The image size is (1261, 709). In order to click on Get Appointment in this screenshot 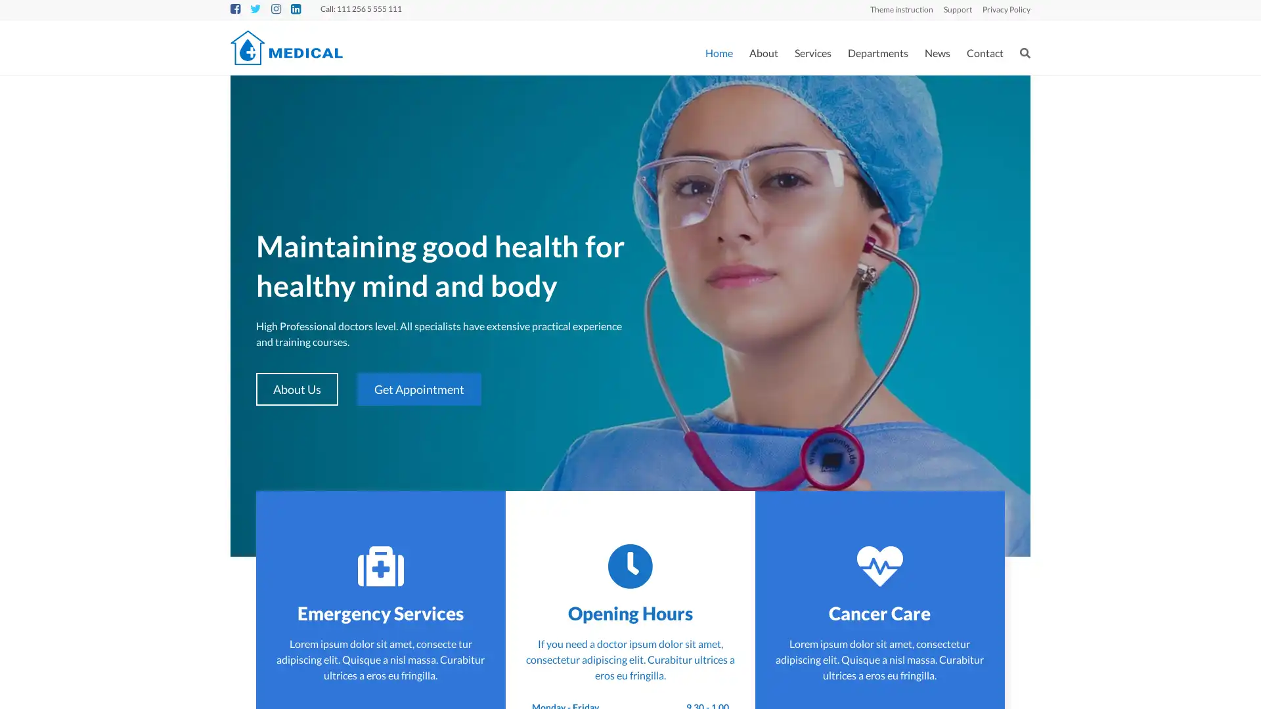, I will do `click(418, 389)`.